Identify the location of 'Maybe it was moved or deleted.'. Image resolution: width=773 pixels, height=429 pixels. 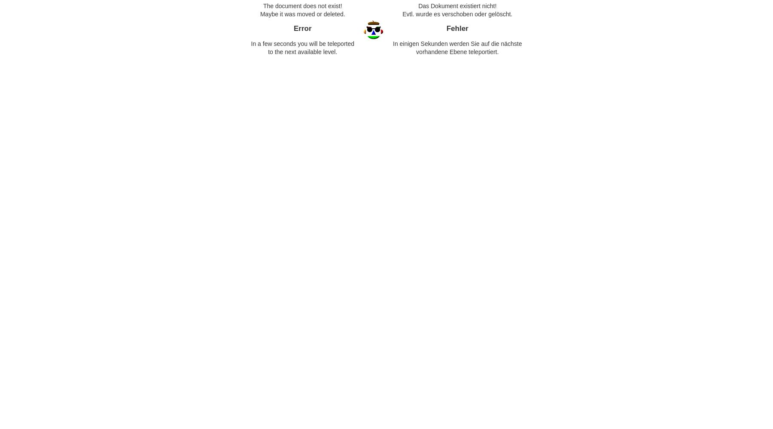
(301, 14).